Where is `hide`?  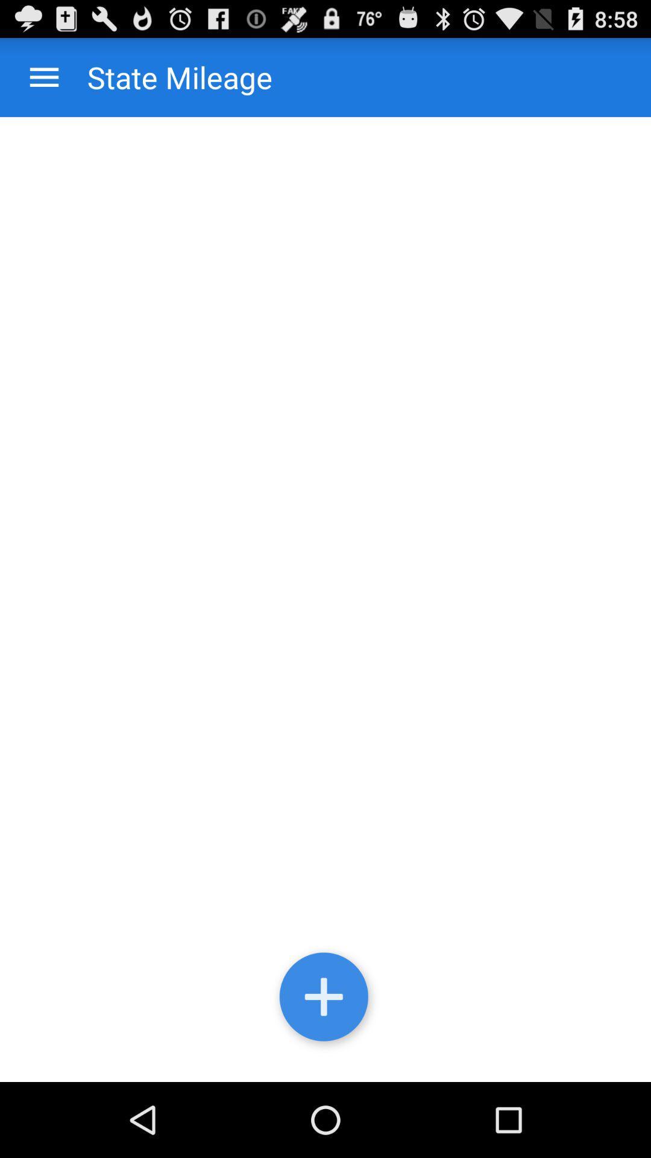 hide is located at coordinates (325, 999).